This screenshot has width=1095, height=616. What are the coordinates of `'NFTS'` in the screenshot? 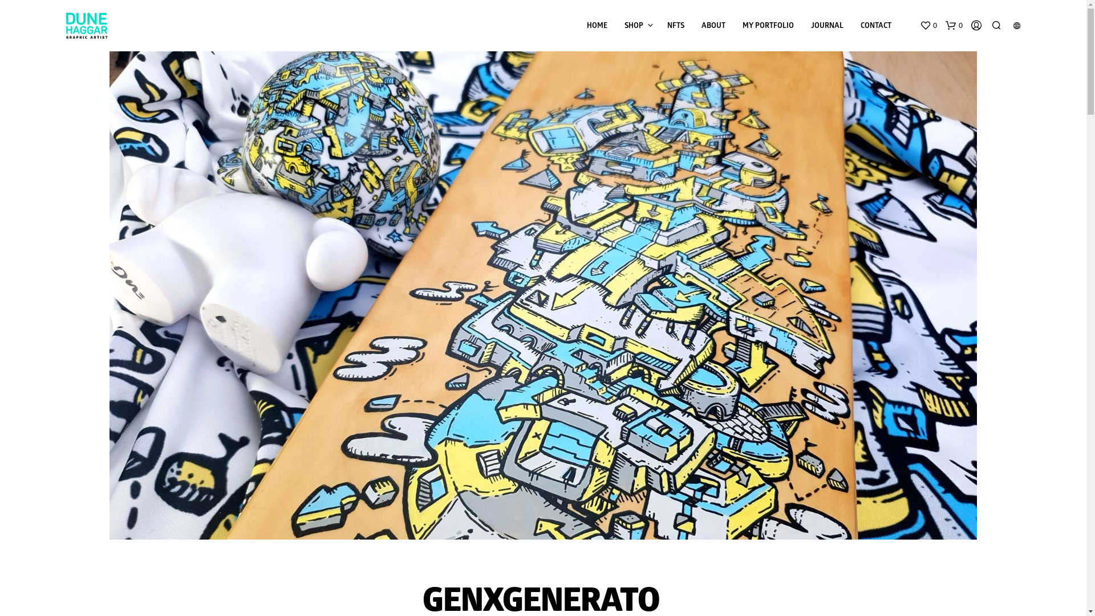 It's located at (675, 26).